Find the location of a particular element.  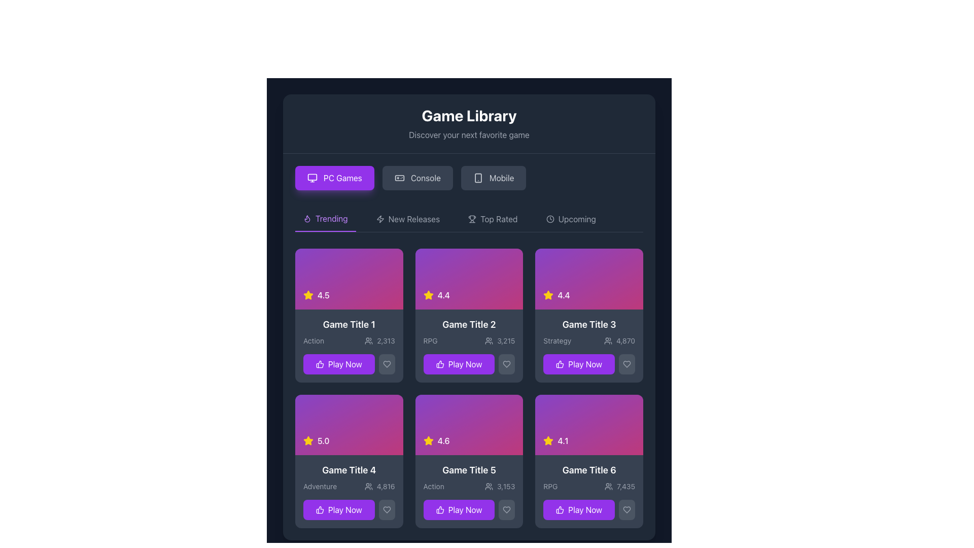

the small heart icon button located in the bottom-right corner of the fifth card under the 'Game Title 5' section is located at coordinates (507, 510).